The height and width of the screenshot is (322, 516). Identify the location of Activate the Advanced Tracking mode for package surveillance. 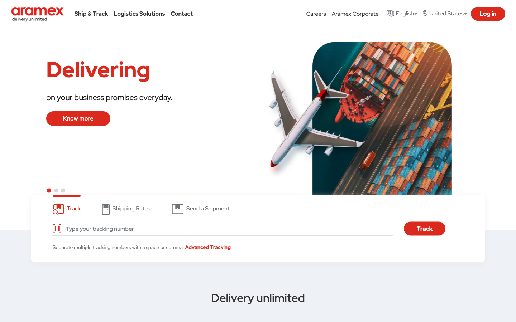
(208, 247).